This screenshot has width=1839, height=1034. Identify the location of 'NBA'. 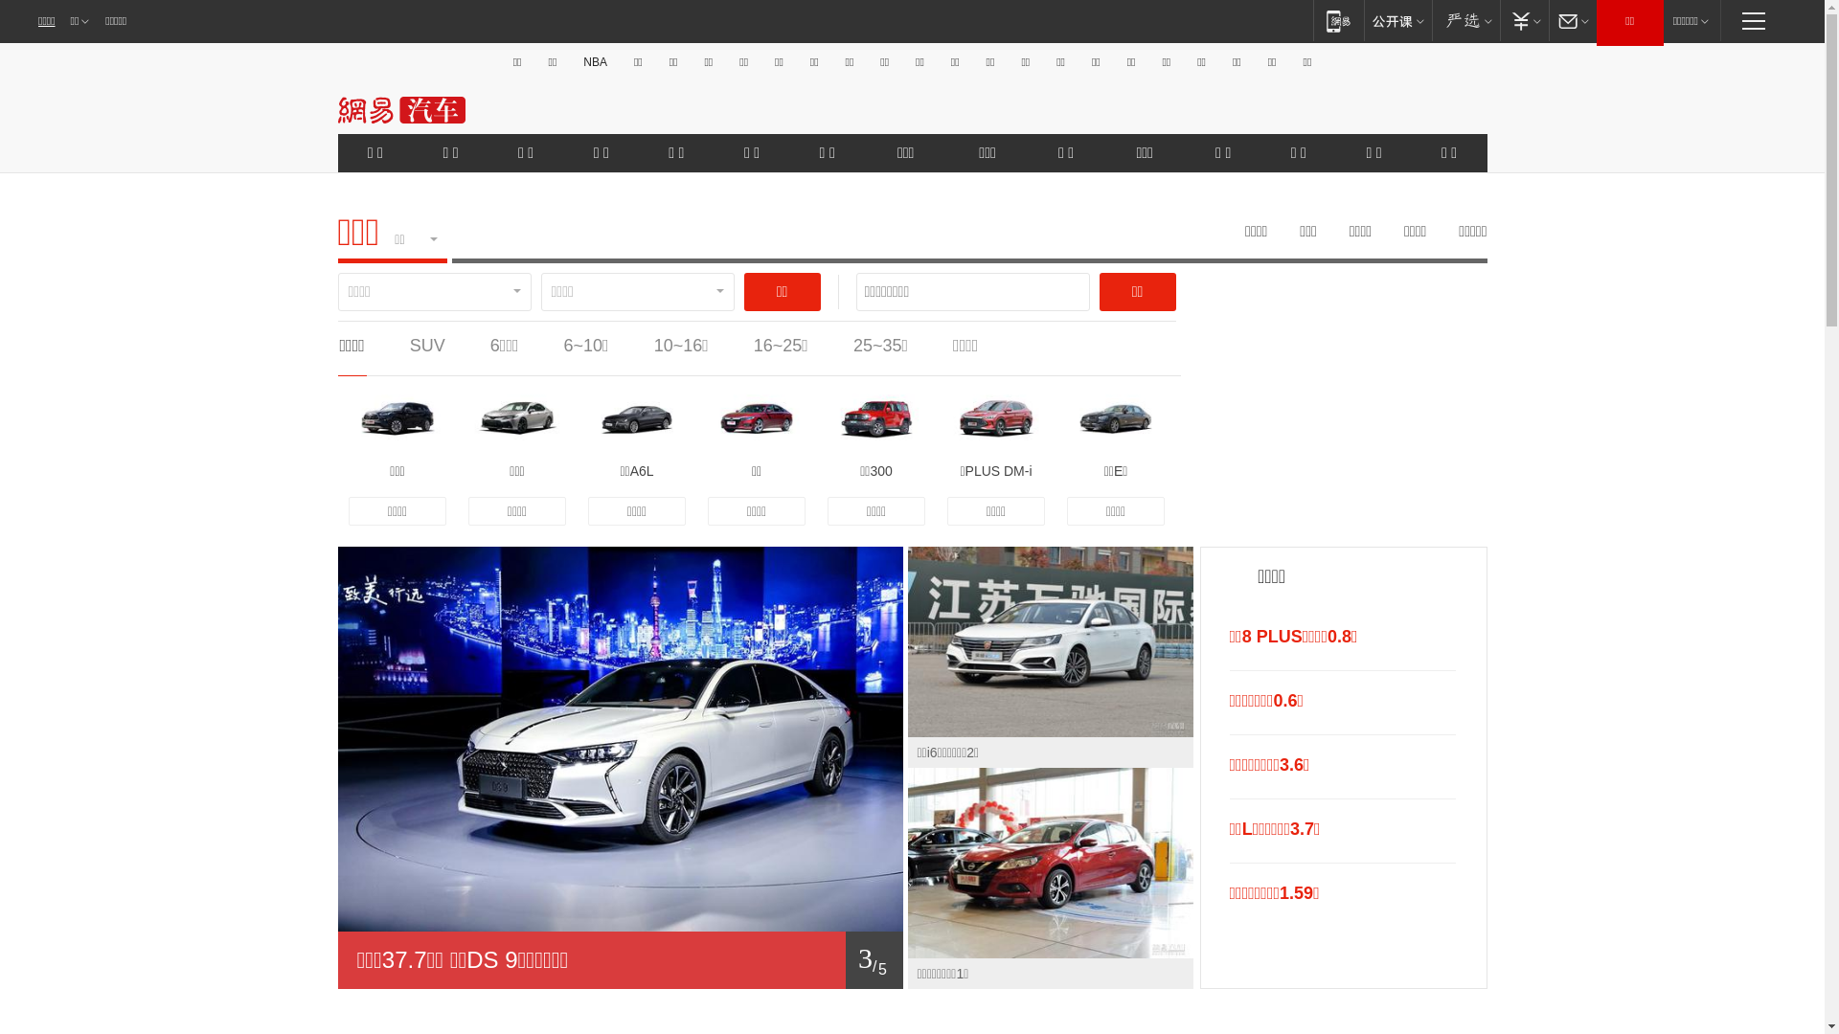
(594, 61).